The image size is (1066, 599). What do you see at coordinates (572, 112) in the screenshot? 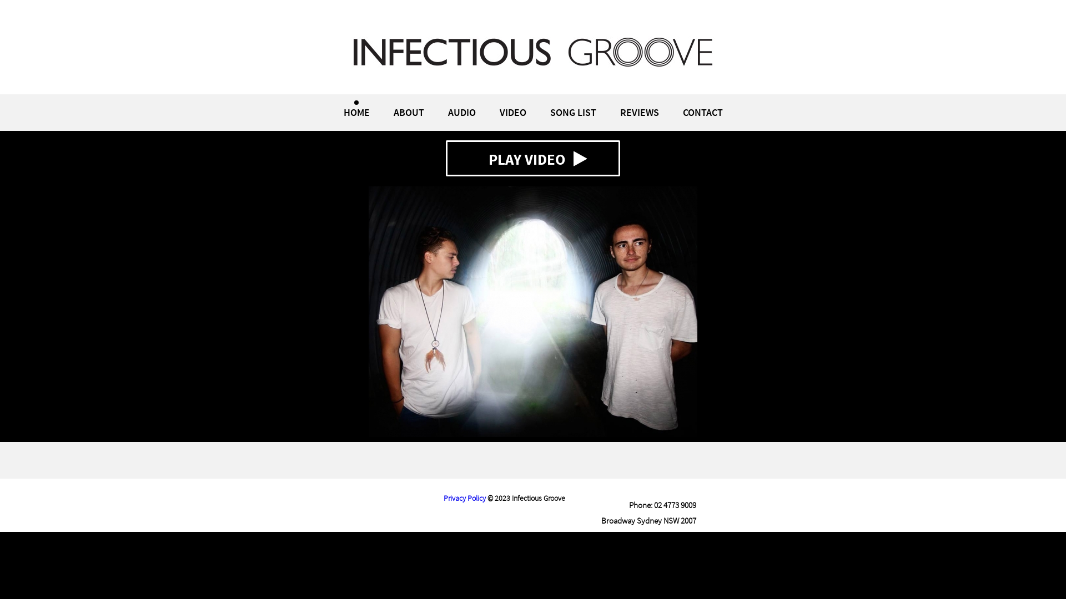
I see `'SONG LIST'` at bounding box center [572, 112].